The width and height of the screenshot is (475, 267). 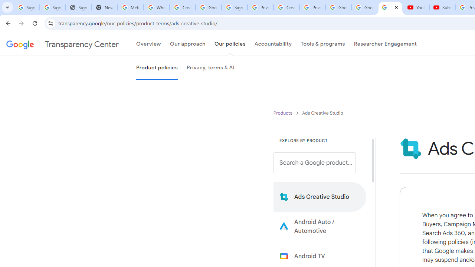 What do you see at coordinates (234, 7) in the screenshot?
I see `'Sign in - Google Accounts'` at bounding box center [234, 7].